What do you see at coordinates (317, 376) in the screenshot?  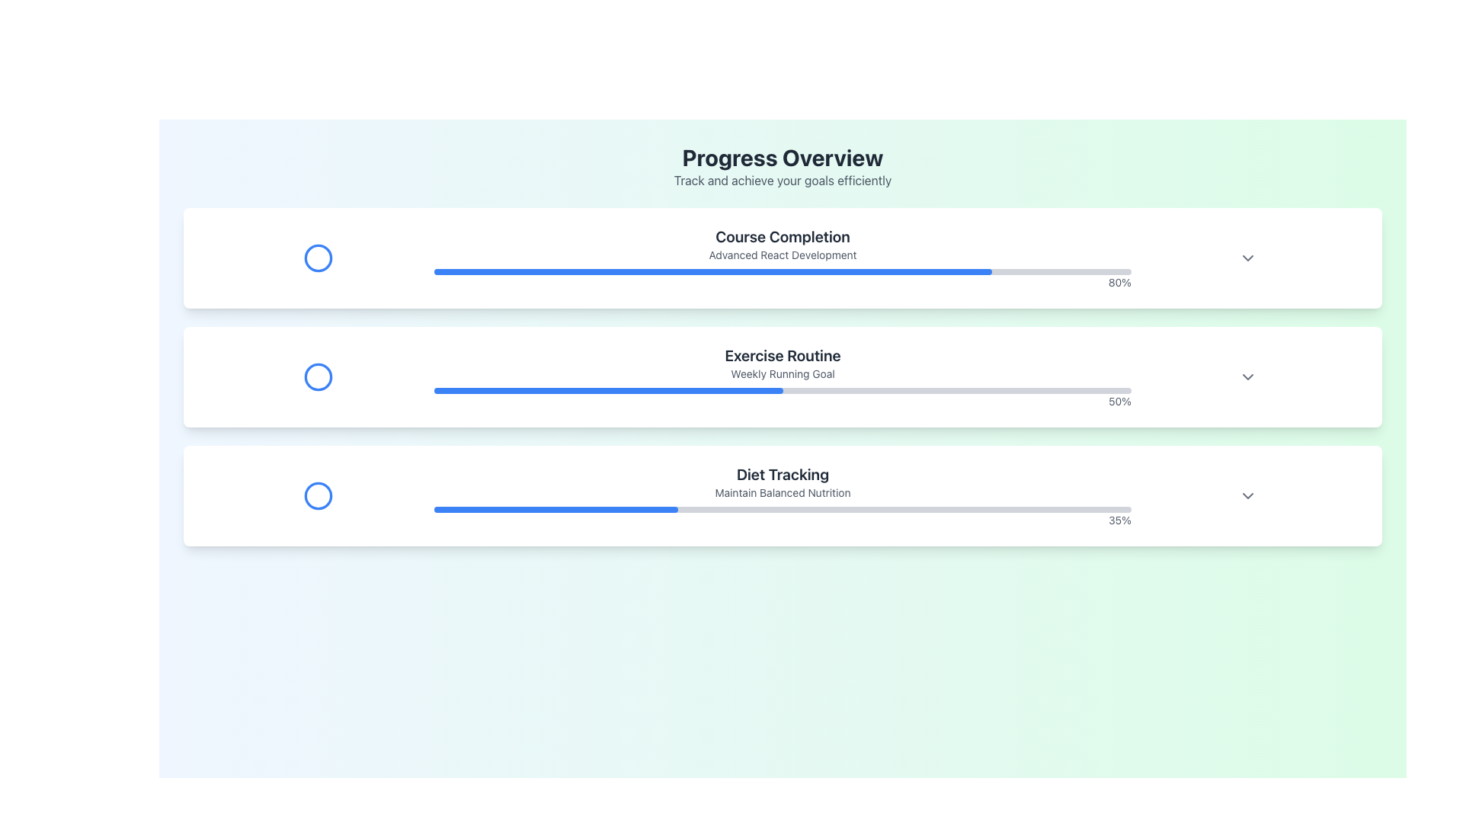 I see `properties of the circular icon representing the 'Exercise Routine' section, which is aligned with the progress bar and percentage text` at bounding box center [317, 376].